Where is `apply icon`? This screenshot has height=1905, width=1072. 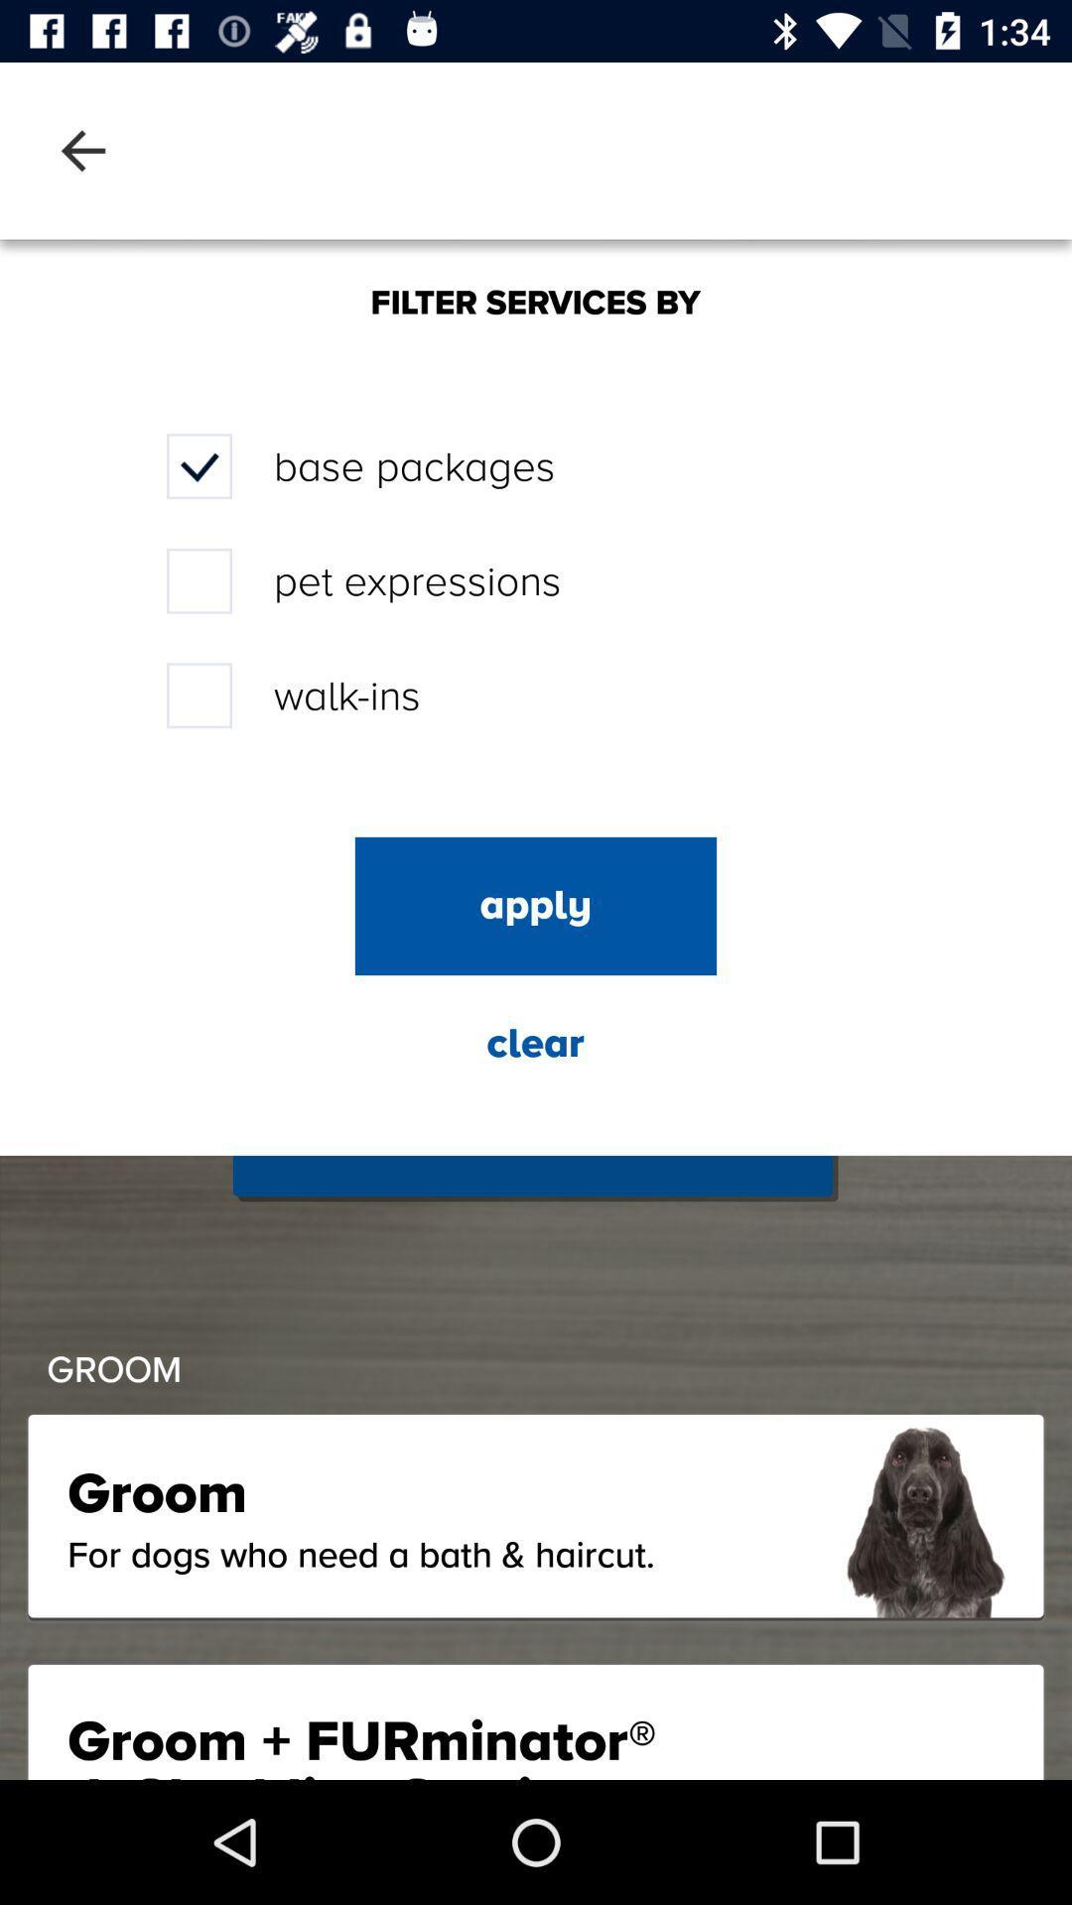 apply icon is located at coordinates (536, 905).